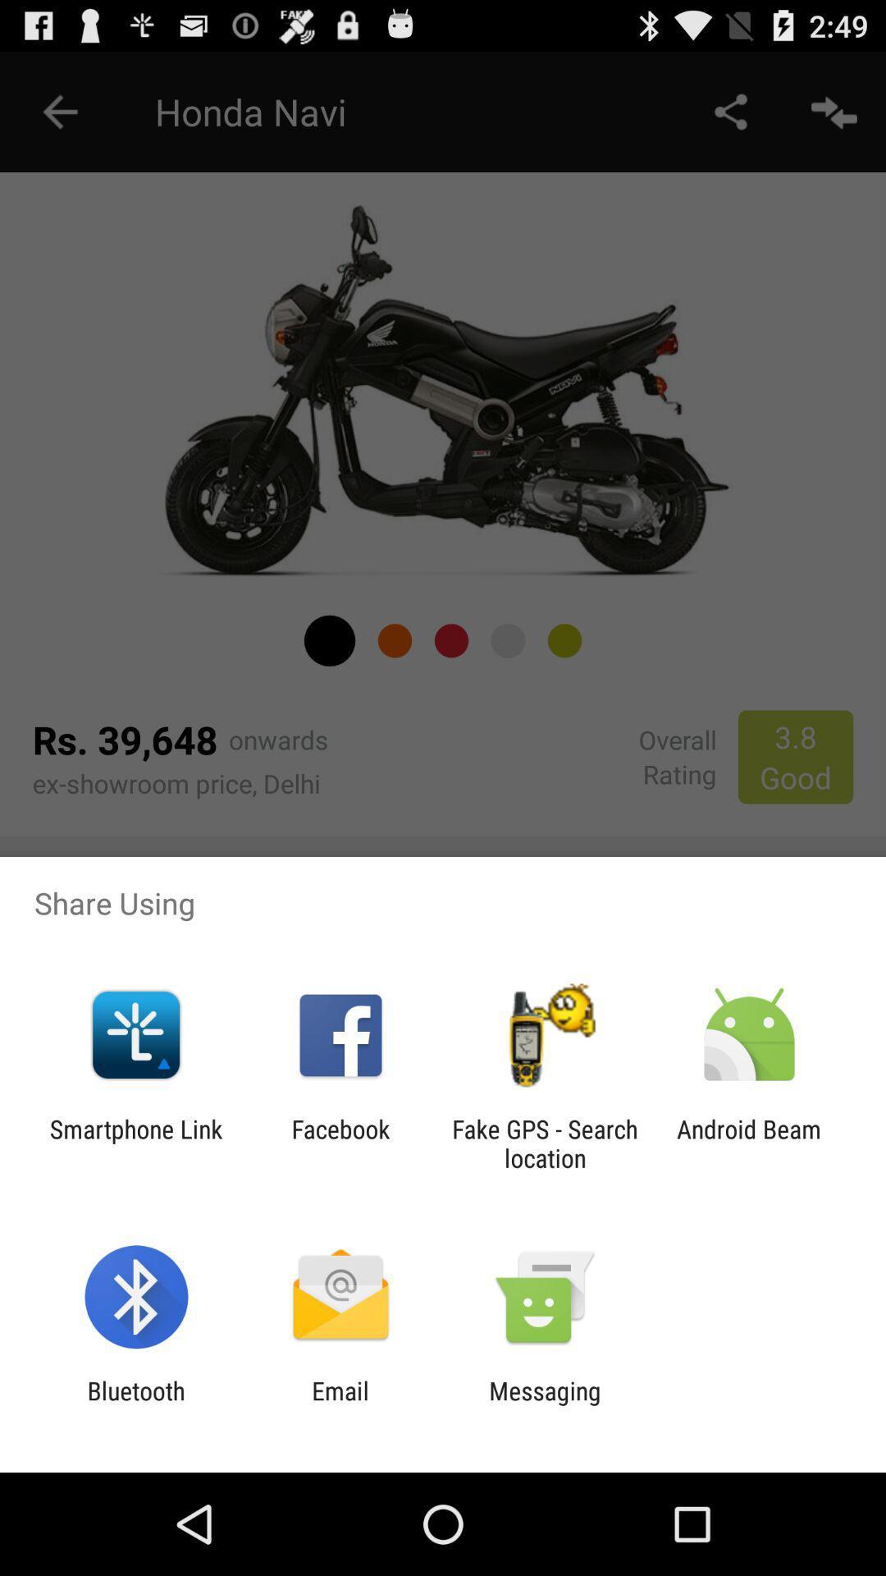  I want to click on the bluetooth icon, so click(135, 1404).